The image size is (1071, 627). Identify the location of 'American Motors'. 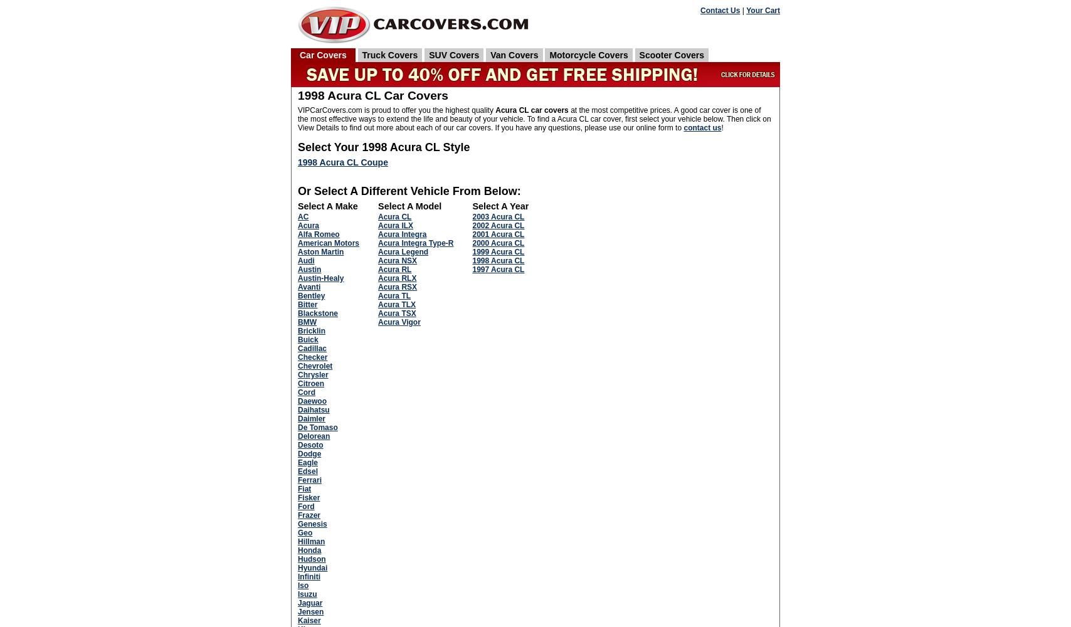
(329, 243).